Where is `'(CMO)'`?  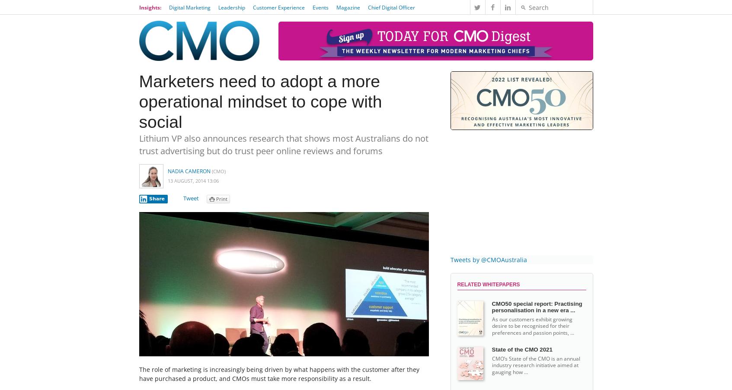 '(CMO)' is located at coordinates (217, 170).